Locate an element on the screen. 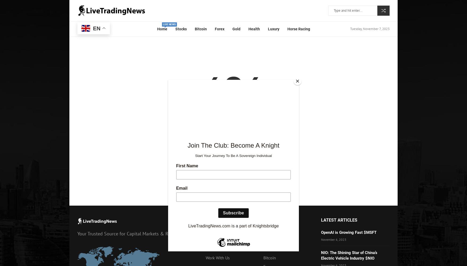 The image size is (467, 266). 'Your Trusted Source for Capital Markets & Related News' is located at coordinates (77, 234).